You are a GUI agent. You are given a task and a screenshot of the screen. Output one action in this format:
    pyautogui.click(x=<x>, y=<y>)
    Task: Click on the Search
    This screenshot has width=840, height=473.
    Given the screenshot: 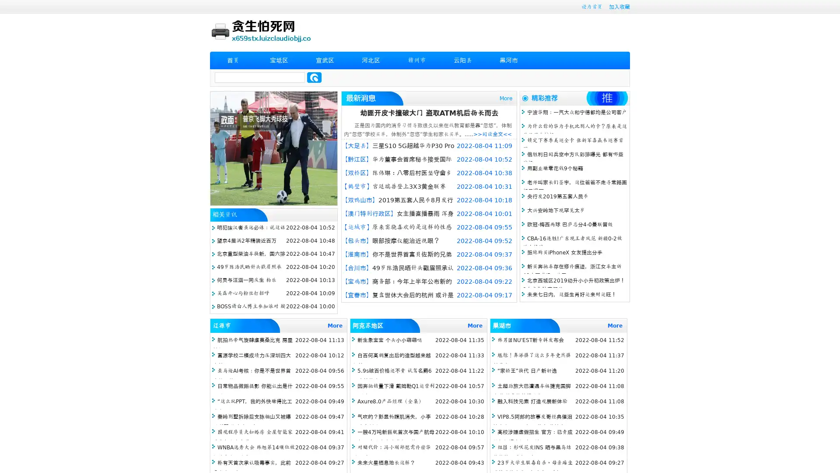 What is the action you would take?
    pyautogui.click(x=314, y=77)
    